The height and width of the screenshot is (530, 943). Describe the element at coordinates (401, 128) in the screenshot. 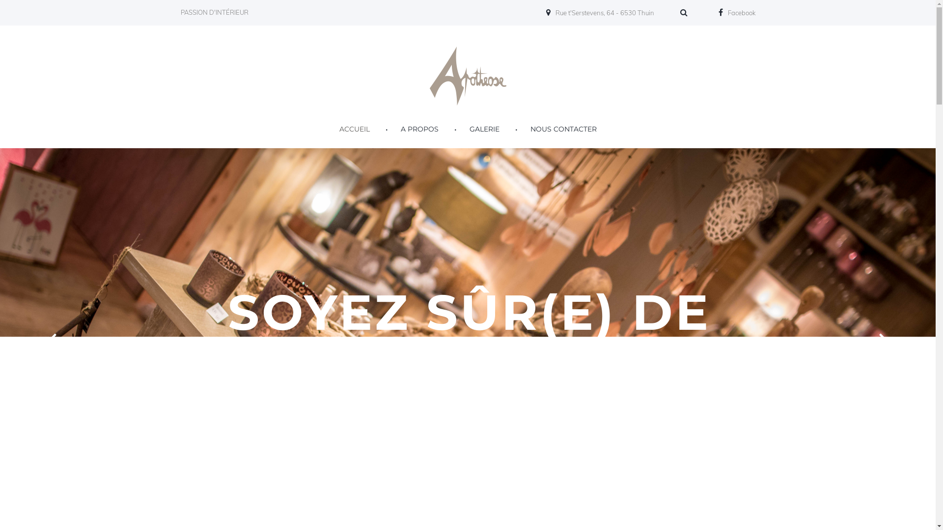

I see `'A PROPOS'` at that location.